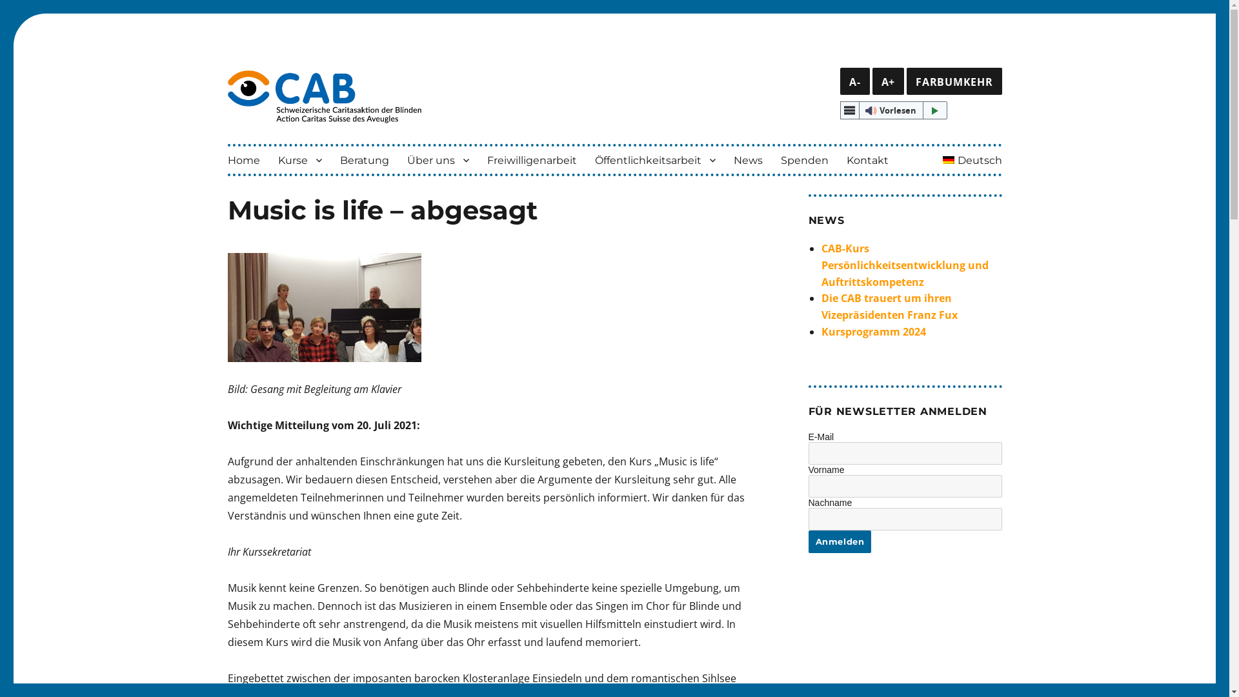 The width and height of the screenshot is (1239, 697). What do you see at coordinates (299, 159) in the screenshot?
I see `'Kurse'` at bounding box center [299, 159].